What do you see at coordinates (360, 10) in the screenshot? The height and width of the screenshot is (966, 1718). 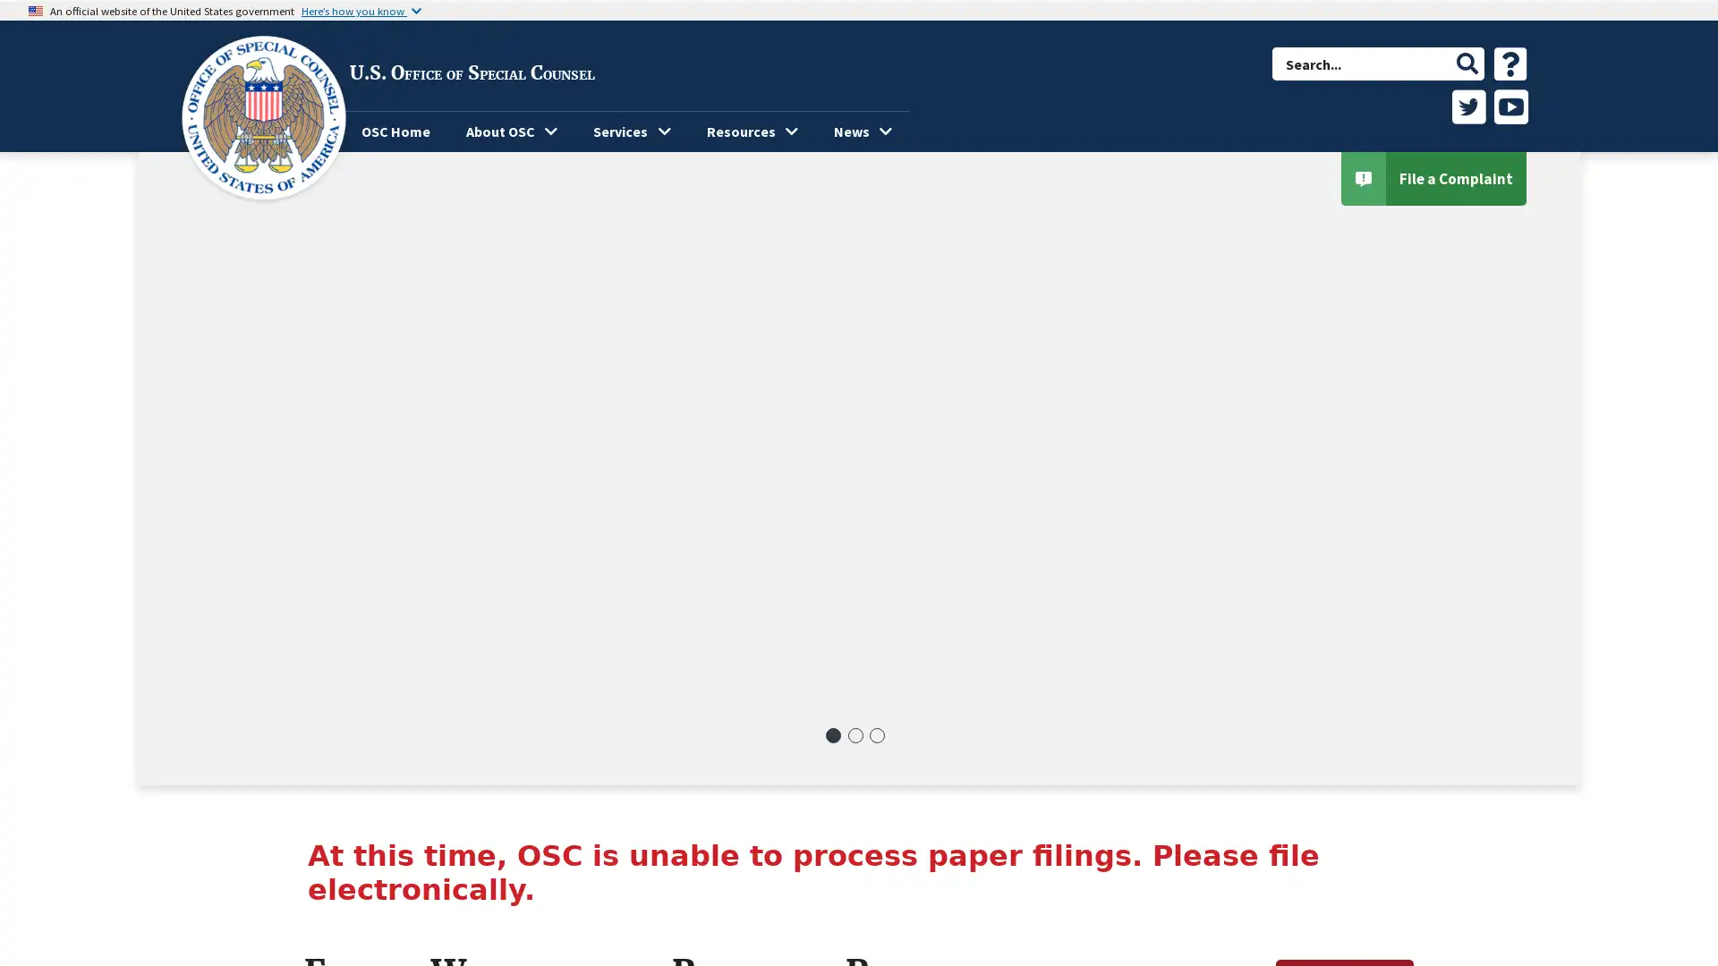 I see `Heres how you know` at bounding box center [360, 10].